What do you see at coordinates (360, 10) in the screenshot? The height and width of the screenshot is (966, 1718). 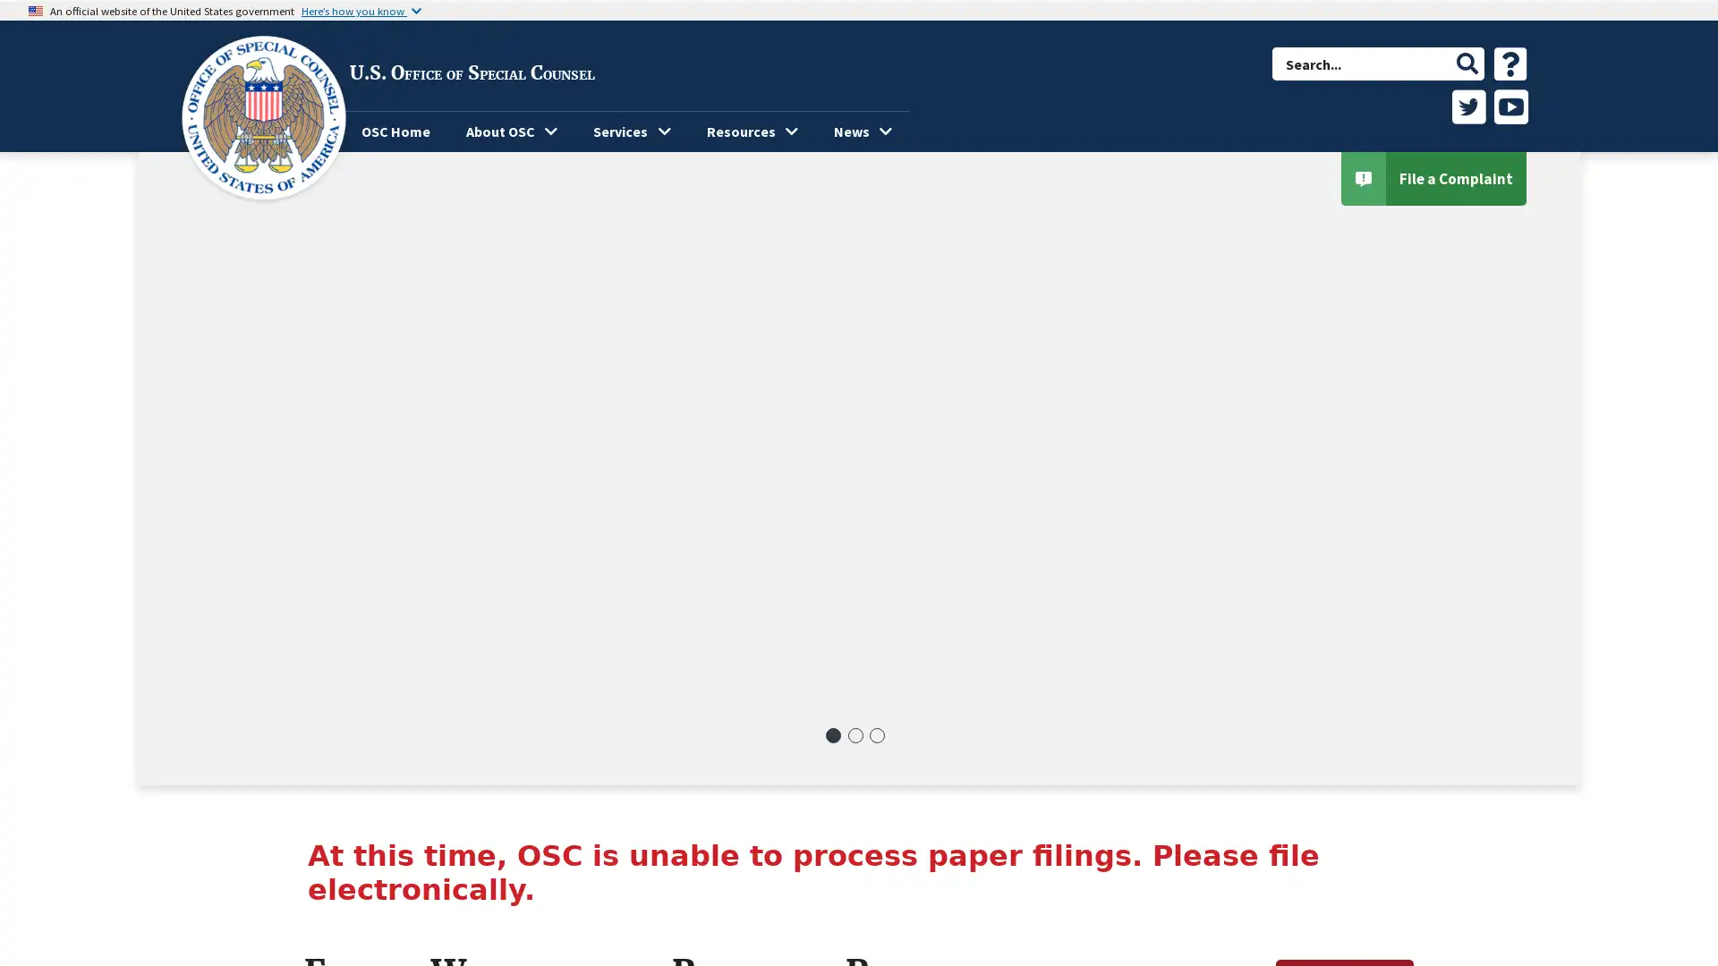 I see `Heres how you know` at bounding box center [360, 10].